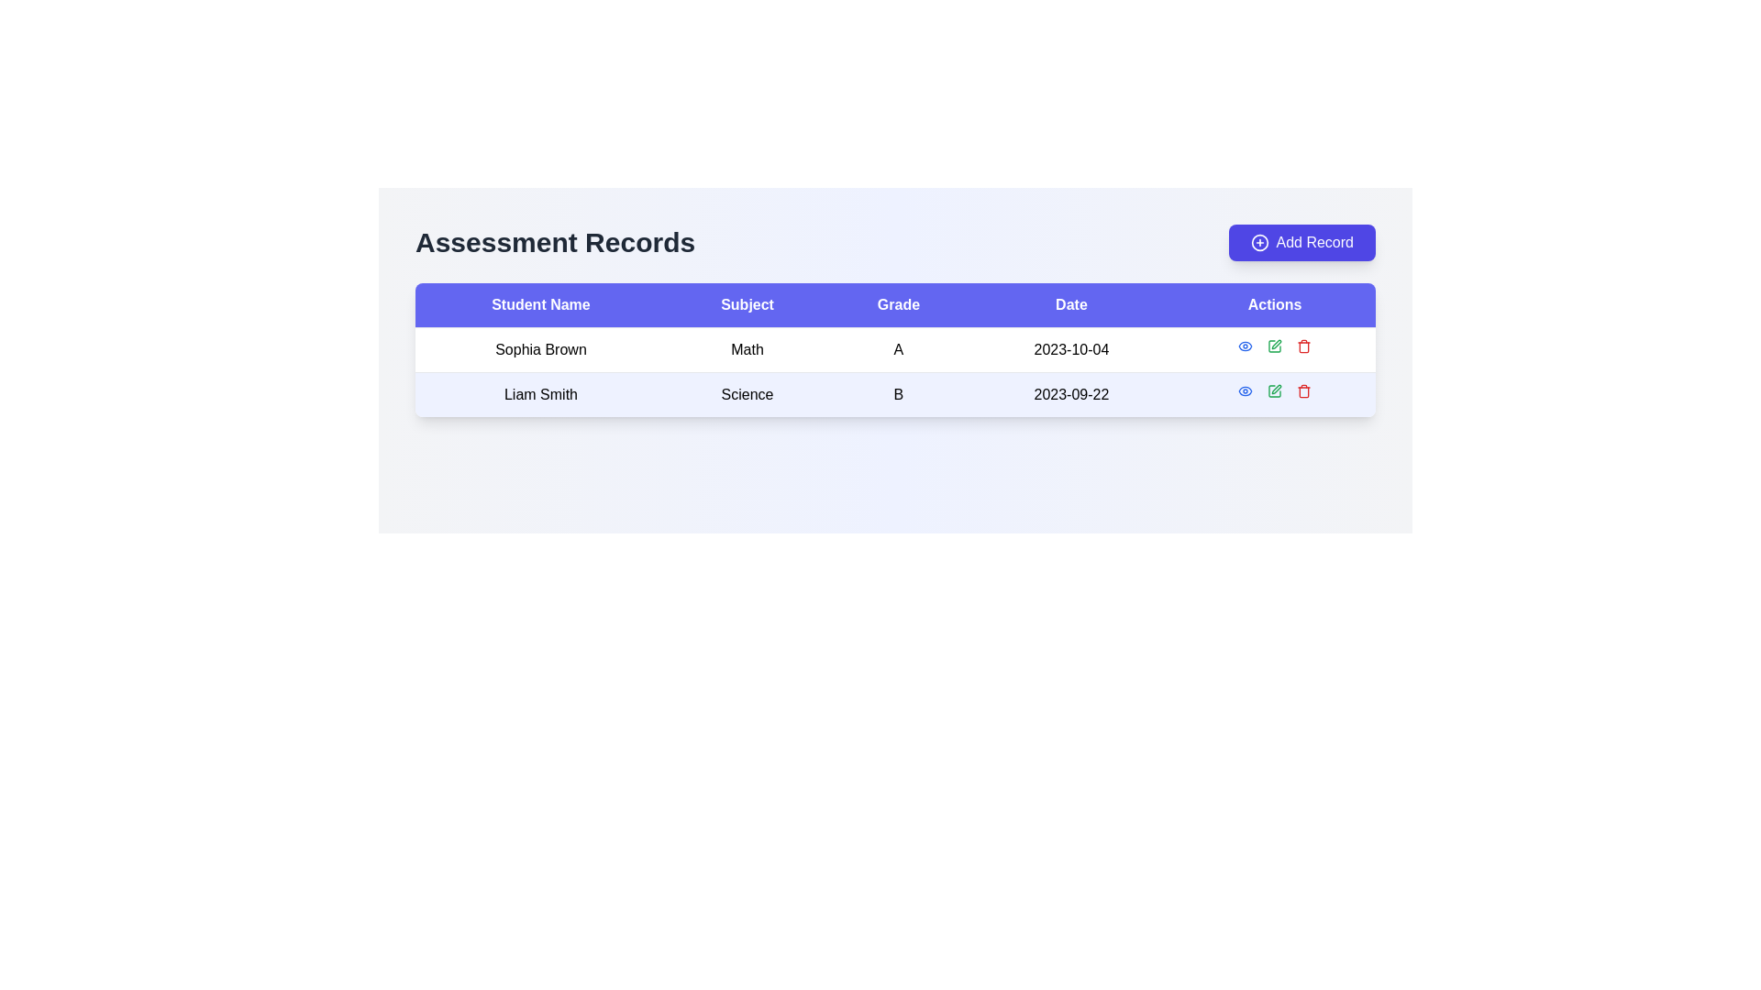 The width and height of the screenshot is (1761, 990). Describe the element at coordinates (554, 242) in the screenshot. I see `the text label reading 'Assessment Records', which is styled in bold, large, dark gray font and positioned at the top-left section below the page header` at that location.